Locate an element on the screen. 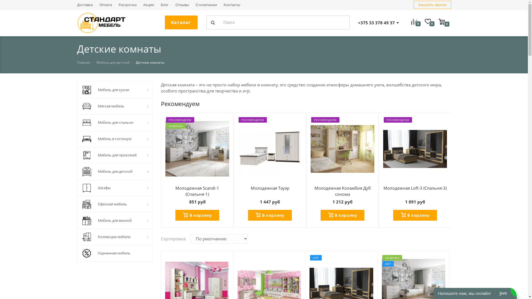 This screenshot has width=532, height=299. '0' is located at coordinates (411, 22).